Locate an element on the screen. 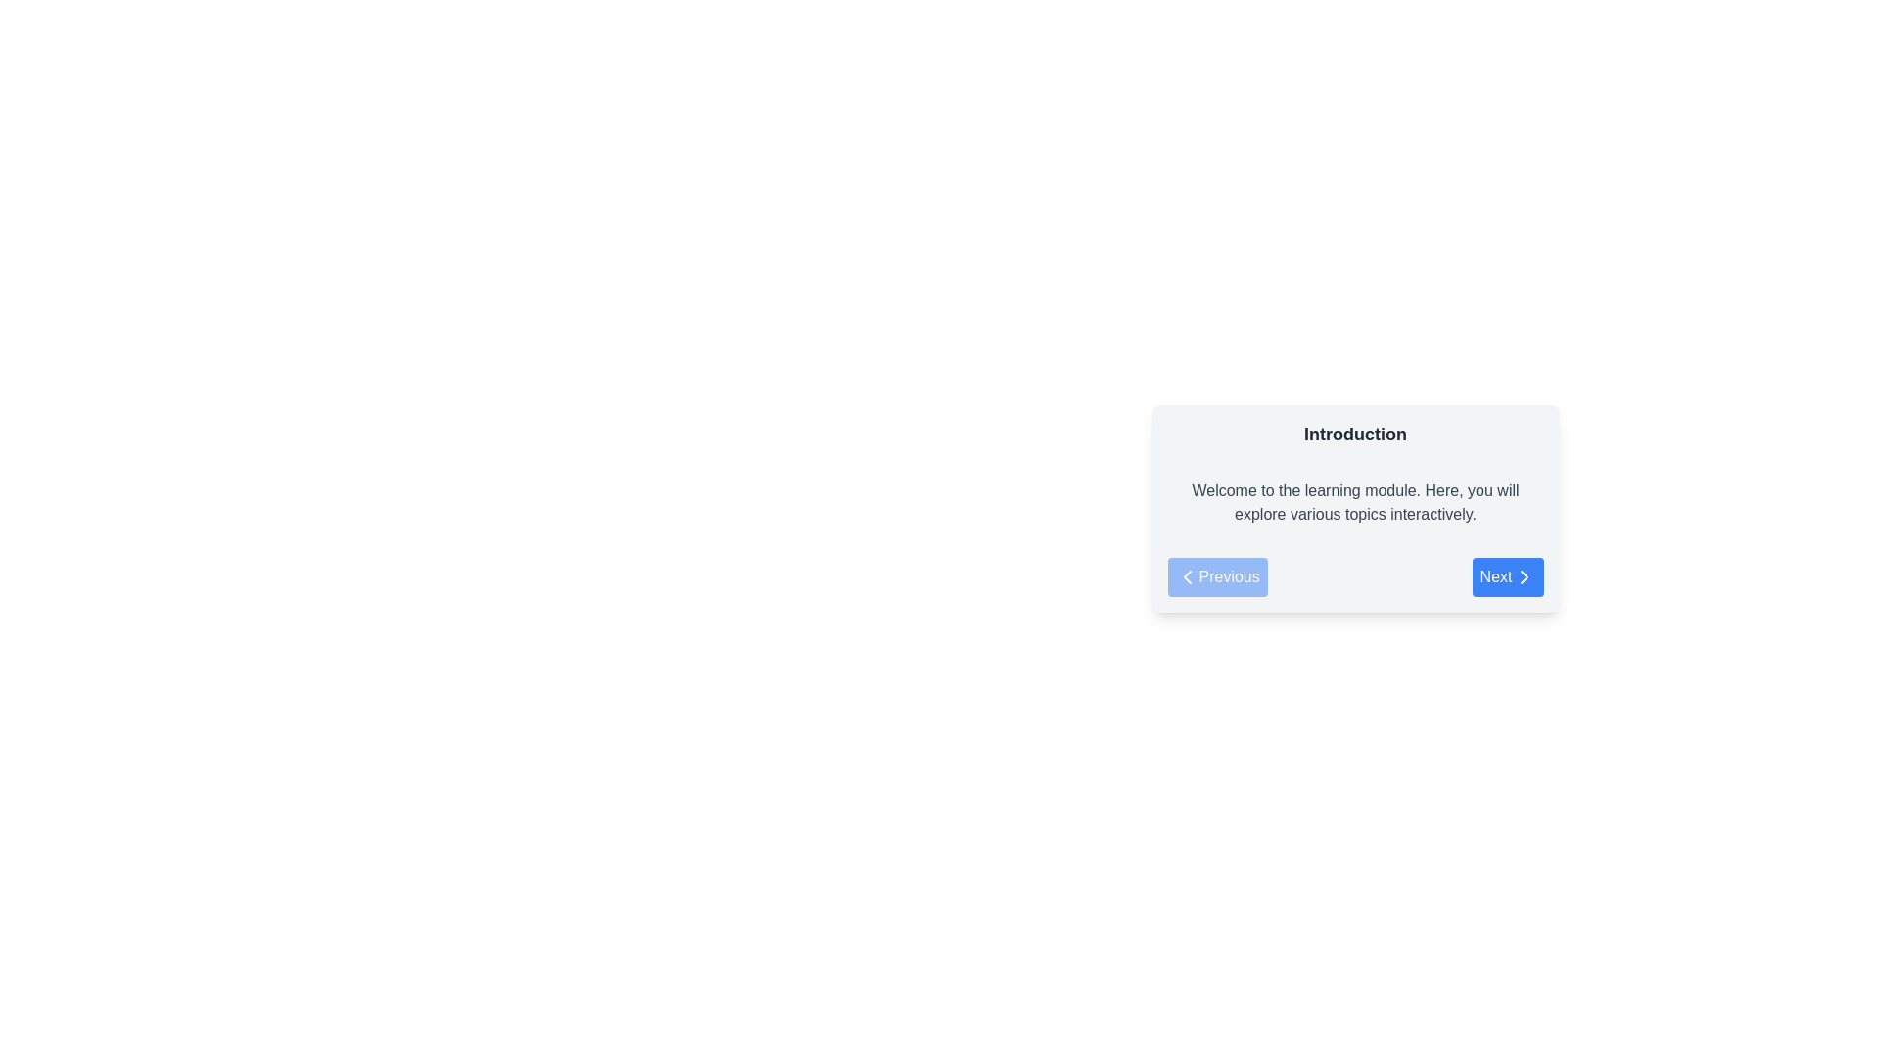  the backward navigation button located at the leftmost position in the bottom section of the card is located at coordinates (1216, 576).